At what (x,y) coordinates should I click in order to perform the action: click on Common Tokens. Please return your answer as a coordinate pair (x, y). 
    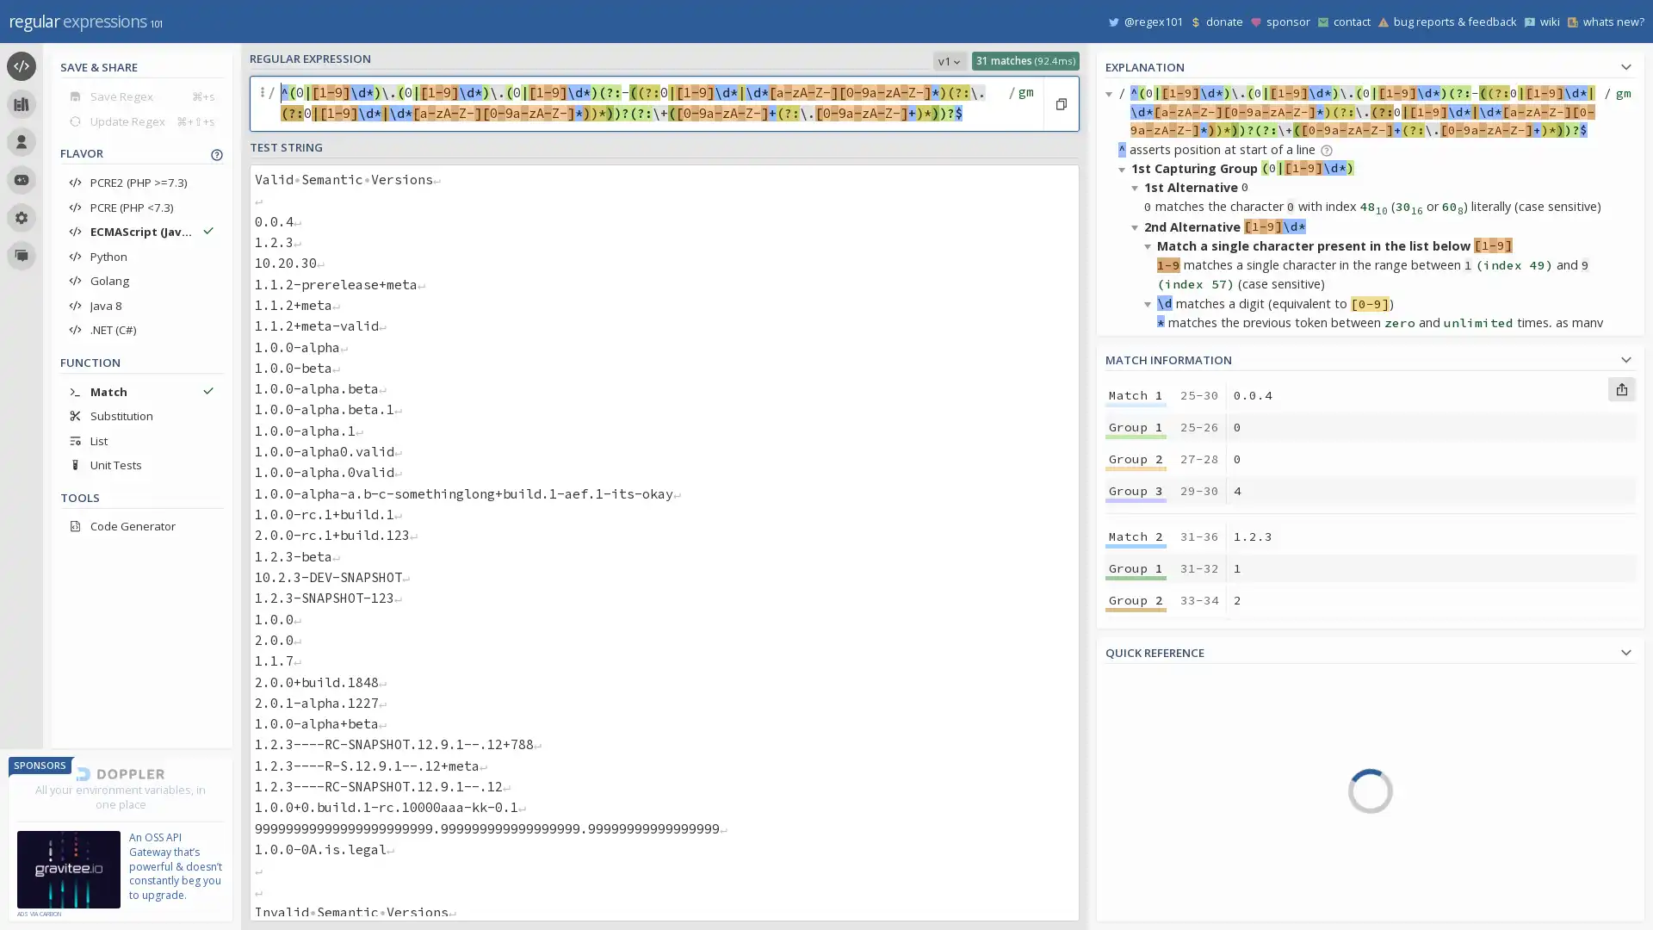
    Looking at the image, I should click on (1186, 738).